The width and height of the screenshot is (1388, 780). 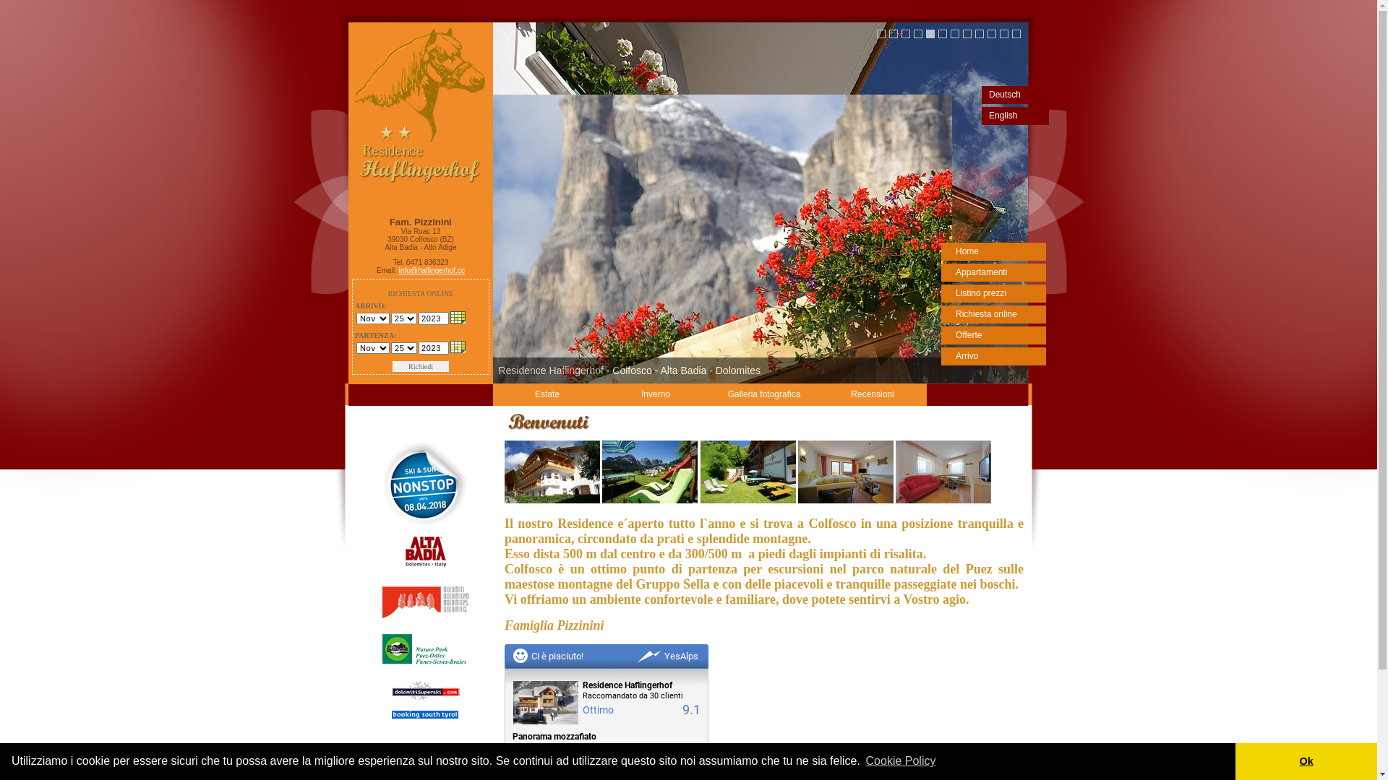 What do you see at coordinates (641, 695) in the screenshot?
I see `'Raccomandato da 30 clienti'` at bounding box center [641, 695].